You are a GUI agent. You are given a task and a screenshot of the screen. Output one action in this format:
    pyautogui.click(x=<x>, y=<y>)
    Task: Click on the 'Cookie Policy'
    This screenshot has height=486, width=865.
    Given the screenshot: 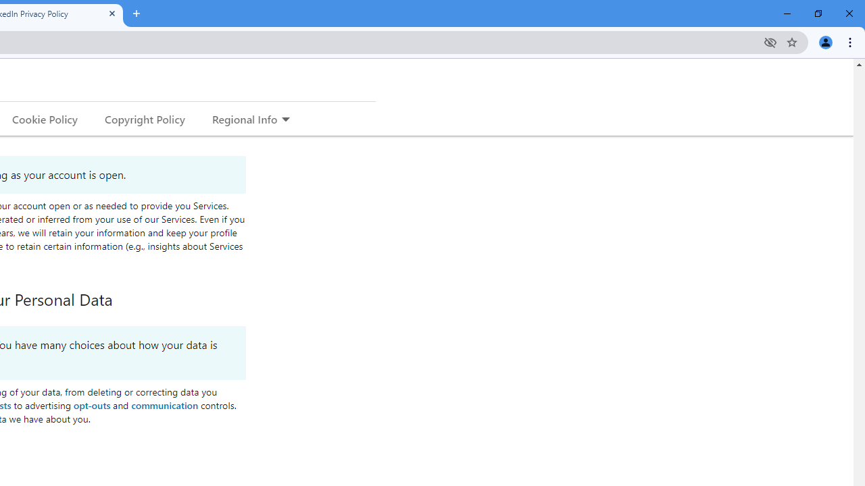 What is the action you would take?
    pyautogui.click(x=45, y=118)
    